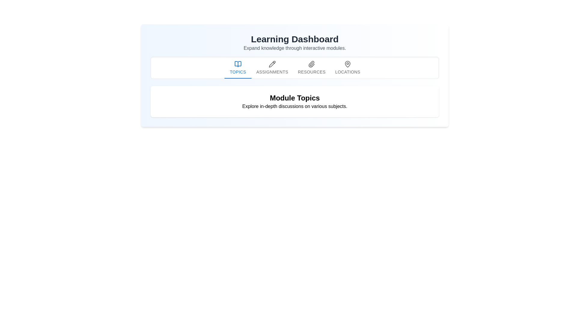  Describe the element at coordinates (311, 64) in the screenshot. I see `the paperclip icon in the navigation bar` at that location.